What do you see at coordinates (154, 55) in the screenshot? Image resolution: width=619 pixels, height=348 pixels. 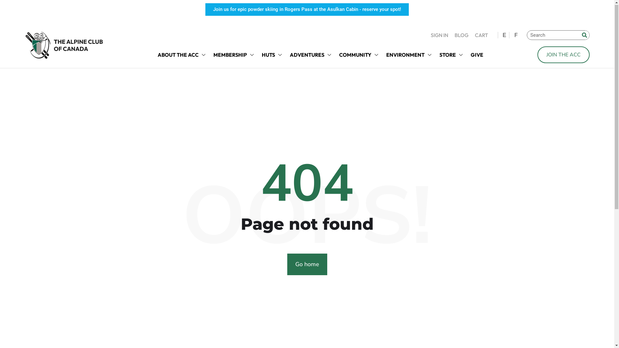 I see `'ABOUT THE ACC'` at bounding box center [154, 55].